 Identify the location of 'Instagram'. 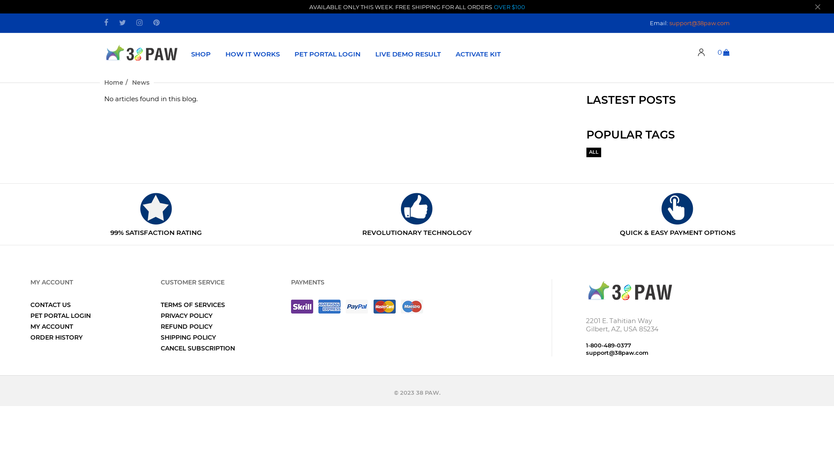
(136, 23).